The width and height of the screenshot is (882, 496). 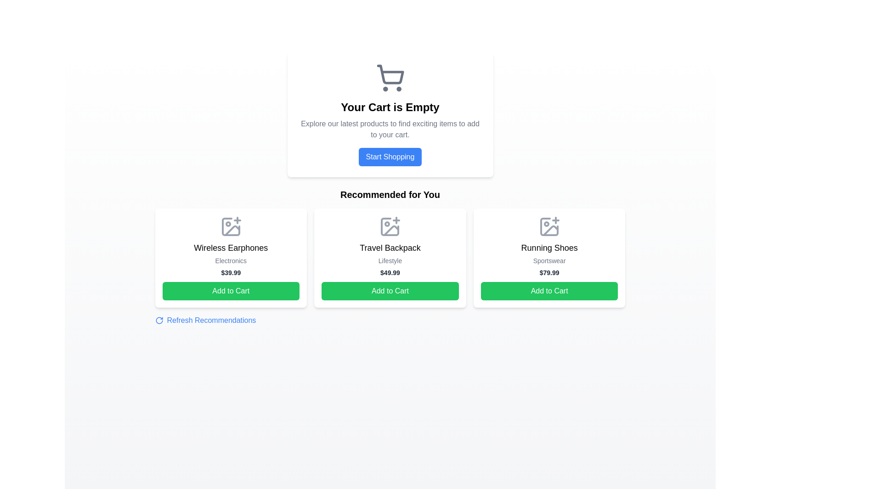 I want to click on the text label displaying 'Lifestyle' which is styled in gray color and positioned between 'Travel Backpack' and '$49.99' in the middle card of the 'Recommended for You' section, so click(x=390, y=260).